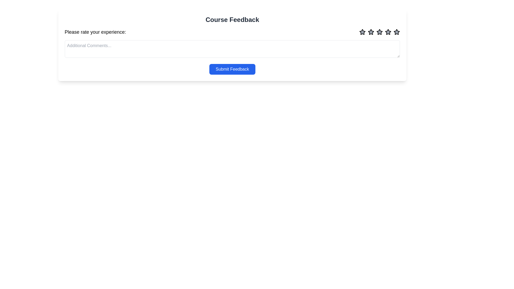 This screenshot has height=289, width=514. I want to click on the third star icon in the rating system, so click(371, 32).